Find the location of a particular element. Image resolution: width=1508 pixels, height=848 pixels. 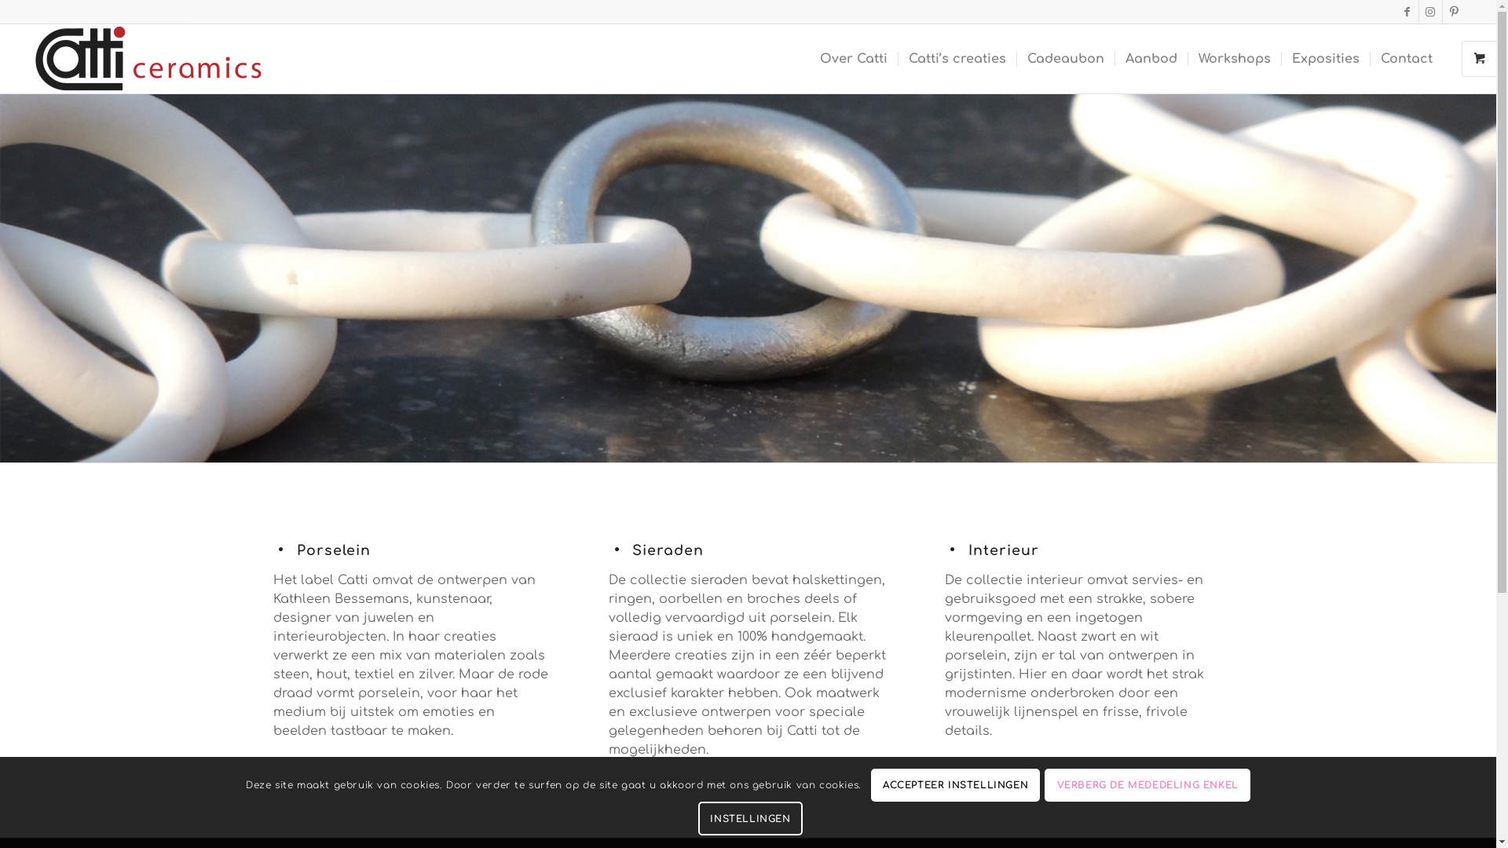

'Over Catti' is located at coordinates (852, 57).